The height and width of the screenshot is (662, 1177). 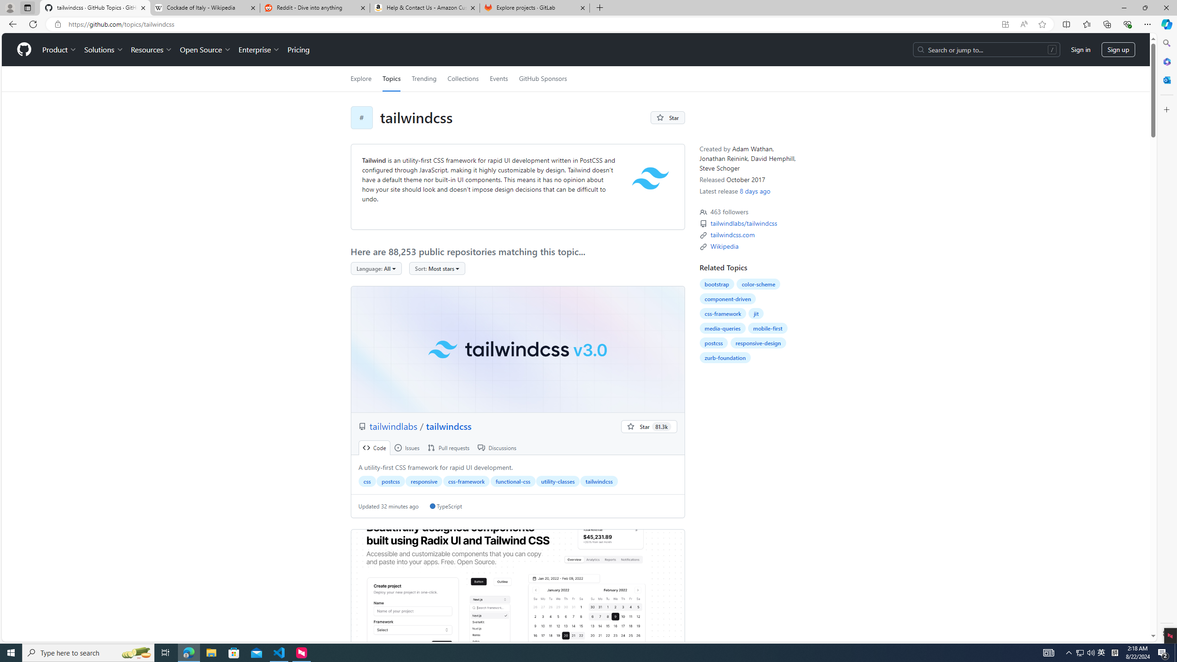 What do you see at coordinates (757, 342) in the screenshot?
I see `'responsive-design'` at bounding box center [757, 342].